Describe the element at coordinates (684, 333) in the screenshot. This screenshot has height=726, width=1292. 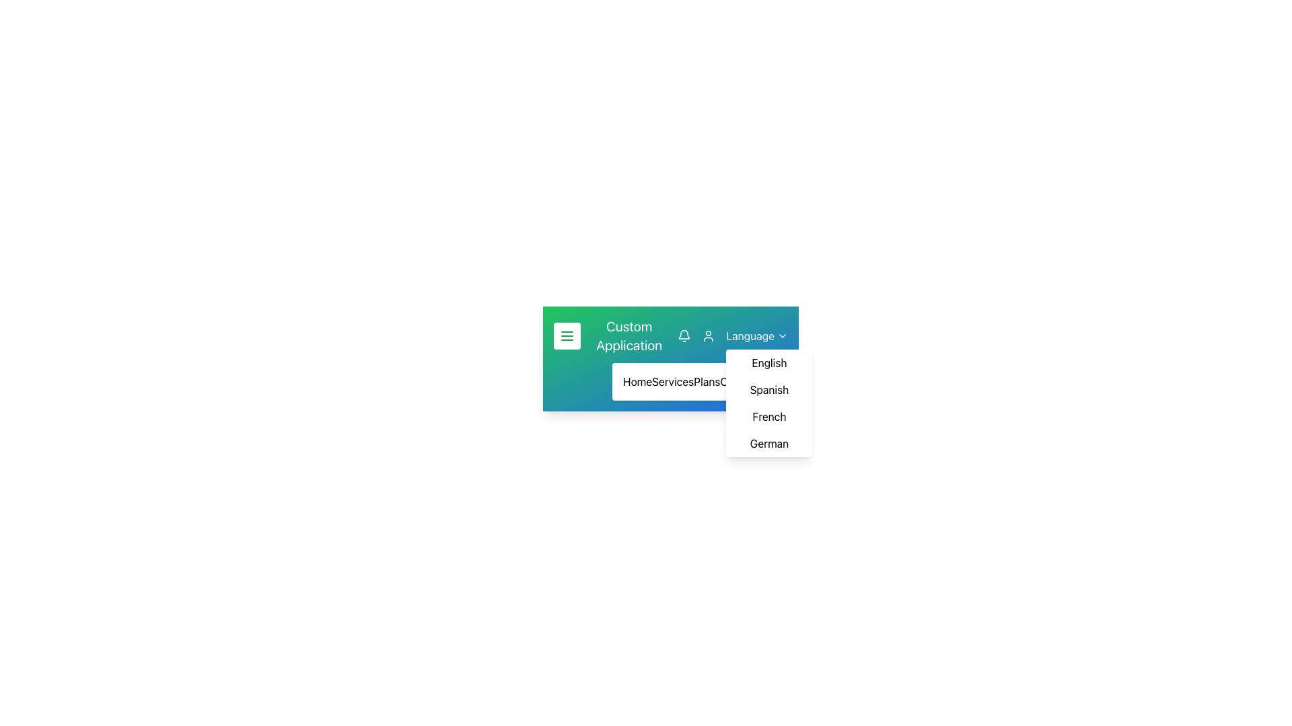
I see `the bell-shaped notification icon located in the top-right navigation bar, positioned between the user icon and the 'Language' dropdown` at that location.